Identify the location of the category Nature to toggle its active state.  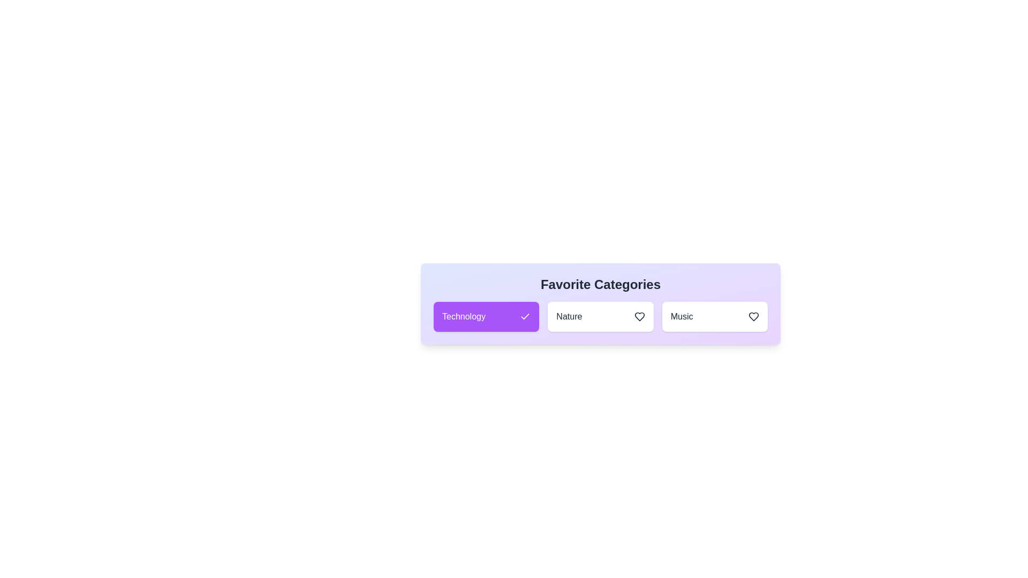
(601, 316).